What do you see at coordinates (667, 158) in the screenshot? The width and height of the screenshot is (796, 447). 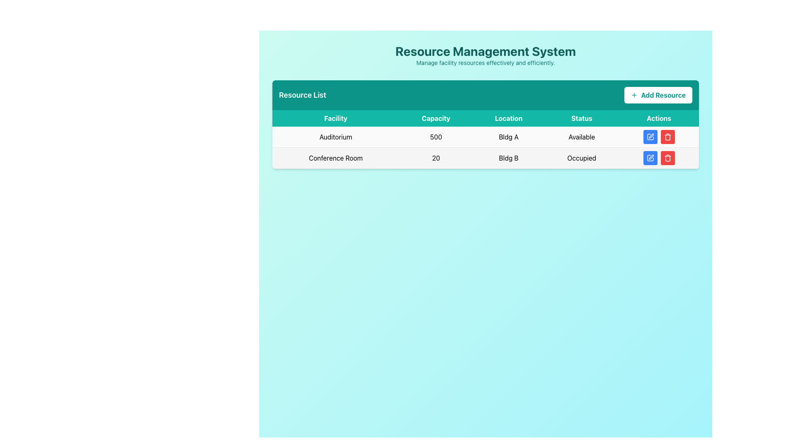 I see `the red trash can icon button located on the rightmost side of the 'Actions' column in the second row of the table` at bounding box center [667, 158].